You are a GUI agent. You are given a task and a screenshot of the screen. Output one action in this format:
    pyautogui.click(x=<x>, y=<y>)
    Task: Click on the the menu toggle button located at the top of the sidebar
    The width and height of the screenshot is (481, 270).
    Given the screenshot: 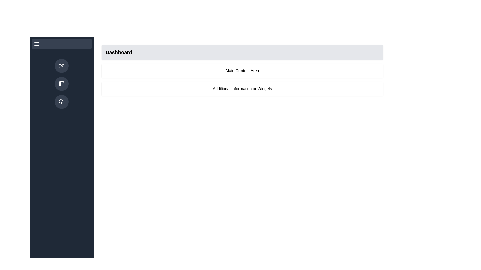 What is the action you would take?
    pyautogui.click(x=61, y=44)
    